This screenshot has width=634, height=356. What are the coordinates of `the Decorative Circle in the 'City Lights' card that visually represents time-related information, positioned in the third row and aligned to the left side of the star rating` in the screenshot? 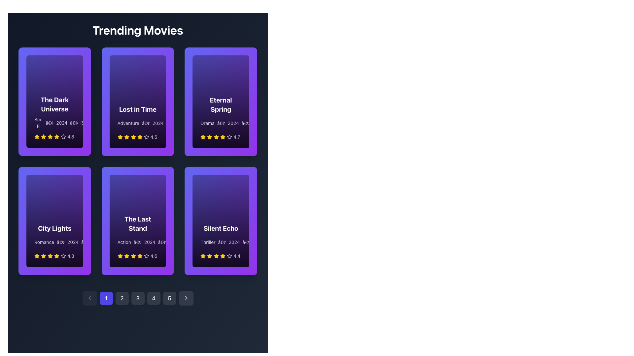 It's located at (93, 242).